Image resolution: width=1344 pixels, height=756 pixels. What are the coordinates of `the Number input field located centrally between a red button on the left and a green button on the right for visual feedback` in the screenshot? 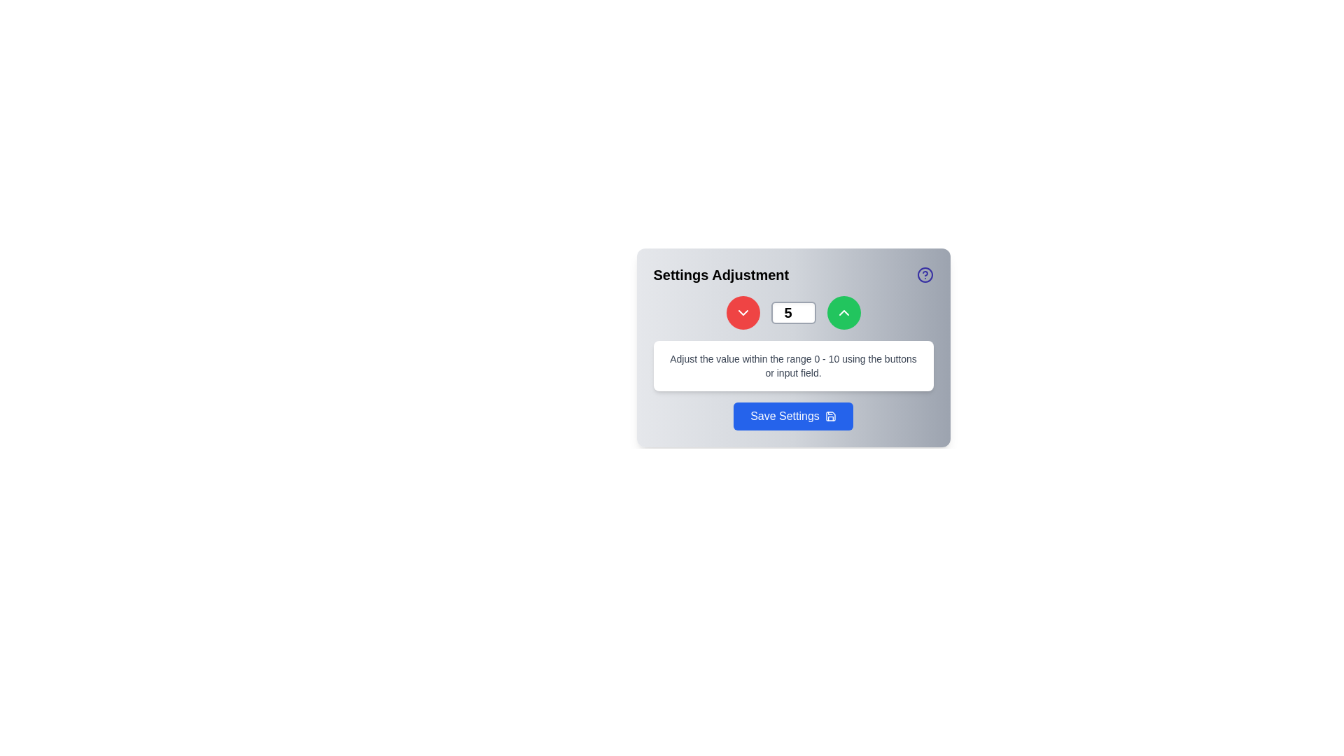 It's located at (793, 312).